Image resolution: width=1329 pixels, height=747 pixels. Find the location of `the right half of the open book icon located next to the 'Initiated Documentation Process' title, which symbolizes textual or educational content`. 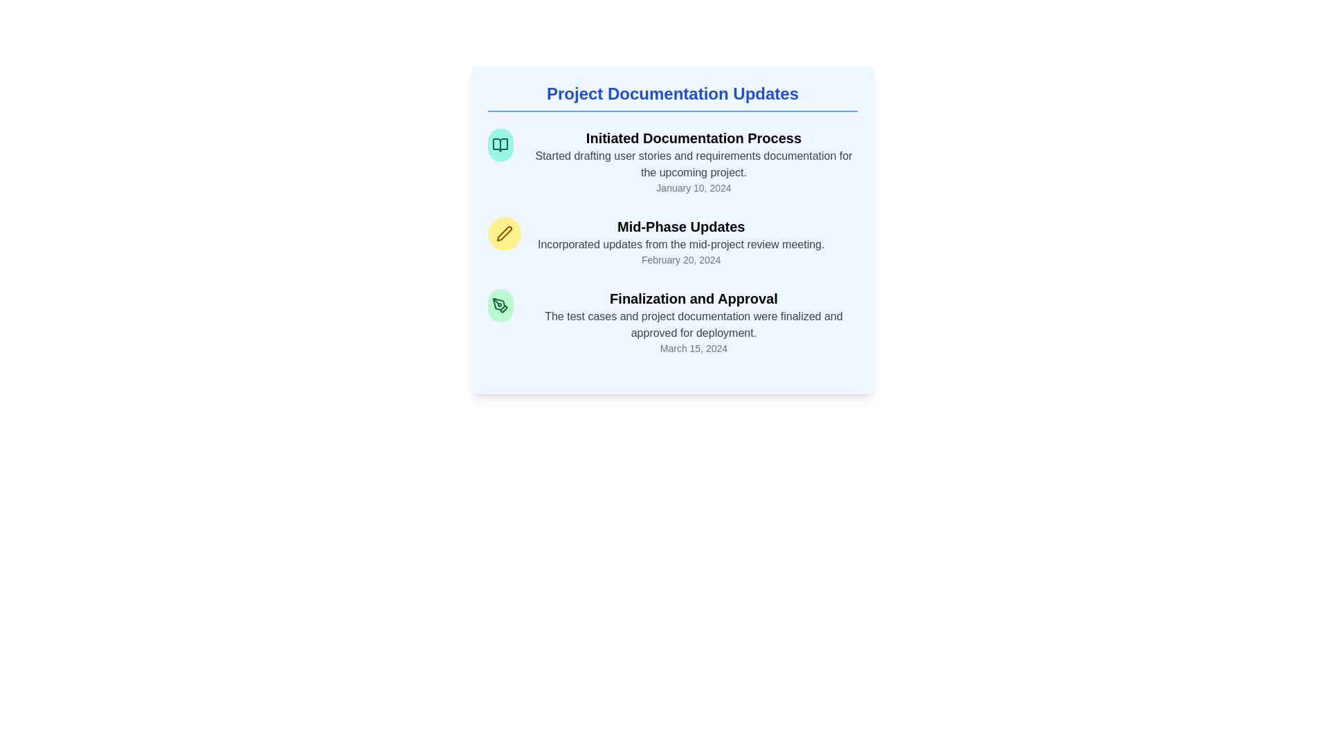

the right half of the open book icon located next to the 'Initiated Documentation Process' title, which symbolizes textual or educational content is located at coordinates (500, 145).